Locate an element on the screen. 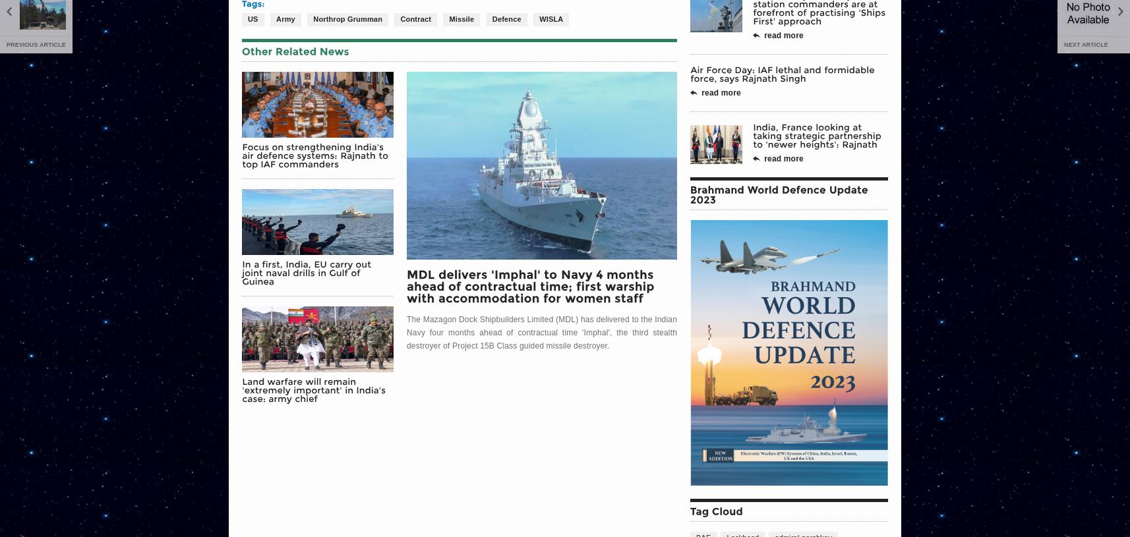 The image size is (1130, 537). 'Previous Article' is located at coordinates (35, 43).